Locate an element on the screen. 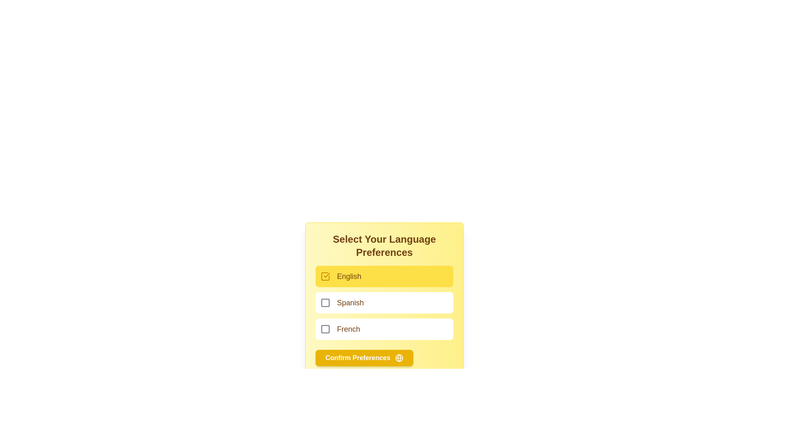 The image size is (792, 445). the checkbox labeled 'French' which is the third item in a vertical list of language selection preferences within a yellow-themed modal is located at coordinates (384, 328).